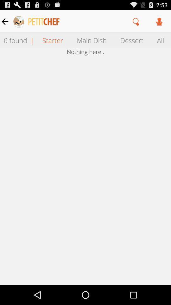  Describe the element at coordinates (52, 40) in the screenshot. I see `the item next to main dish` at that location.